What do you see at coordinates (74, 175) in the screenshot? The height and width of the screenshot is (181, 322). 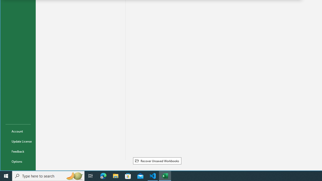 I see `'Search highlights icon opens search home window'` at bounding box center [74, 175].